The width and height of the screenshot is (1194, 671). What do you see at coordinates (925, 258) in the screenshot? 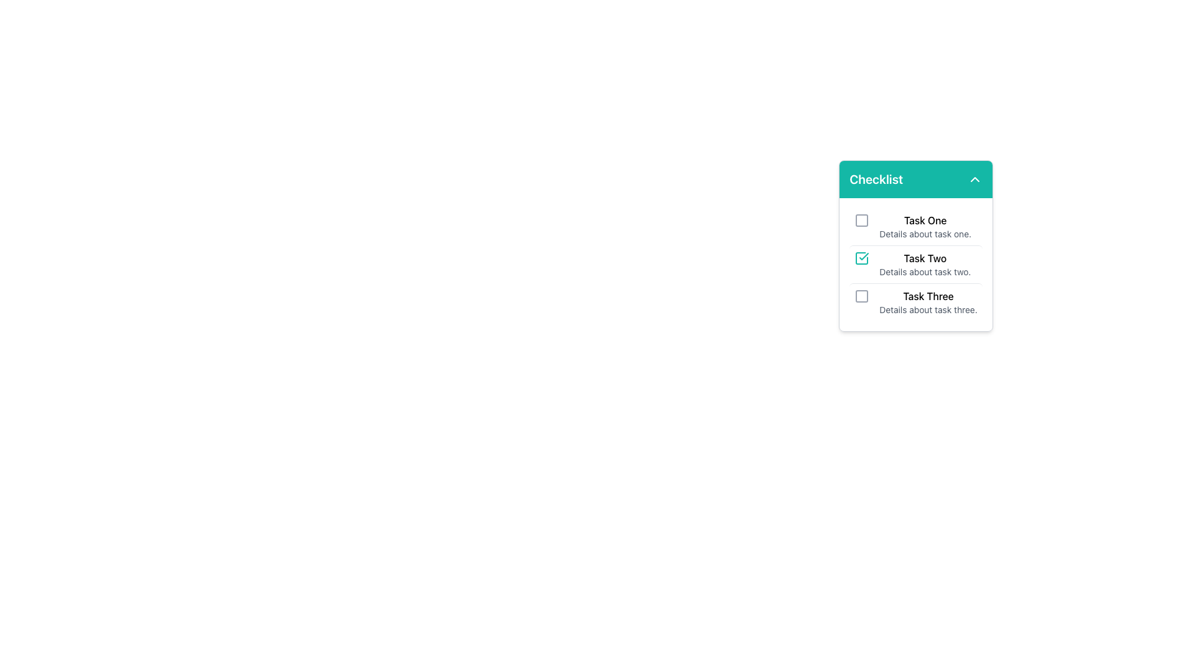
I see `the text label for the second task in the checklist, located directly right of the checkbox and above the text 'Details about task two.'` at bounding box center [925, 258].